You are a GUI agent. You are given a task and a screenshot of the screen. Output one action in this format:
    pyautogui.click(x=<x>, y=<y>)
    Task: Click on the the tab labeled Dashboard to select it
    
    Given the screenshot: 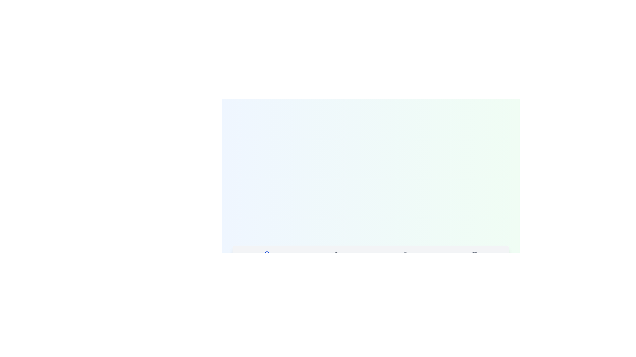 What is the action you would take?
    pyautogui.click(x=267, y=259)
    